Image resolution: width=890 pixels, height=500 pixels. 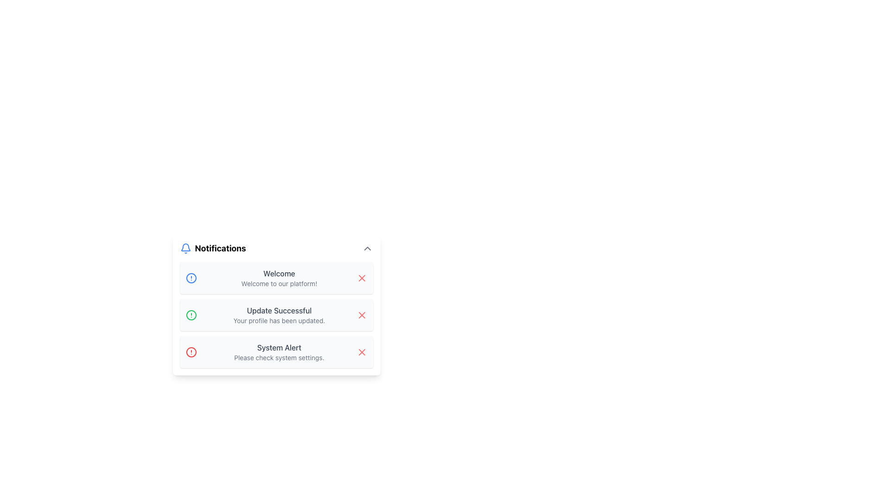 What do you see at coordinates (279, 311) in the screenshot?
I see `the 'Update Successful' text label` at bounding box center [279, 311].